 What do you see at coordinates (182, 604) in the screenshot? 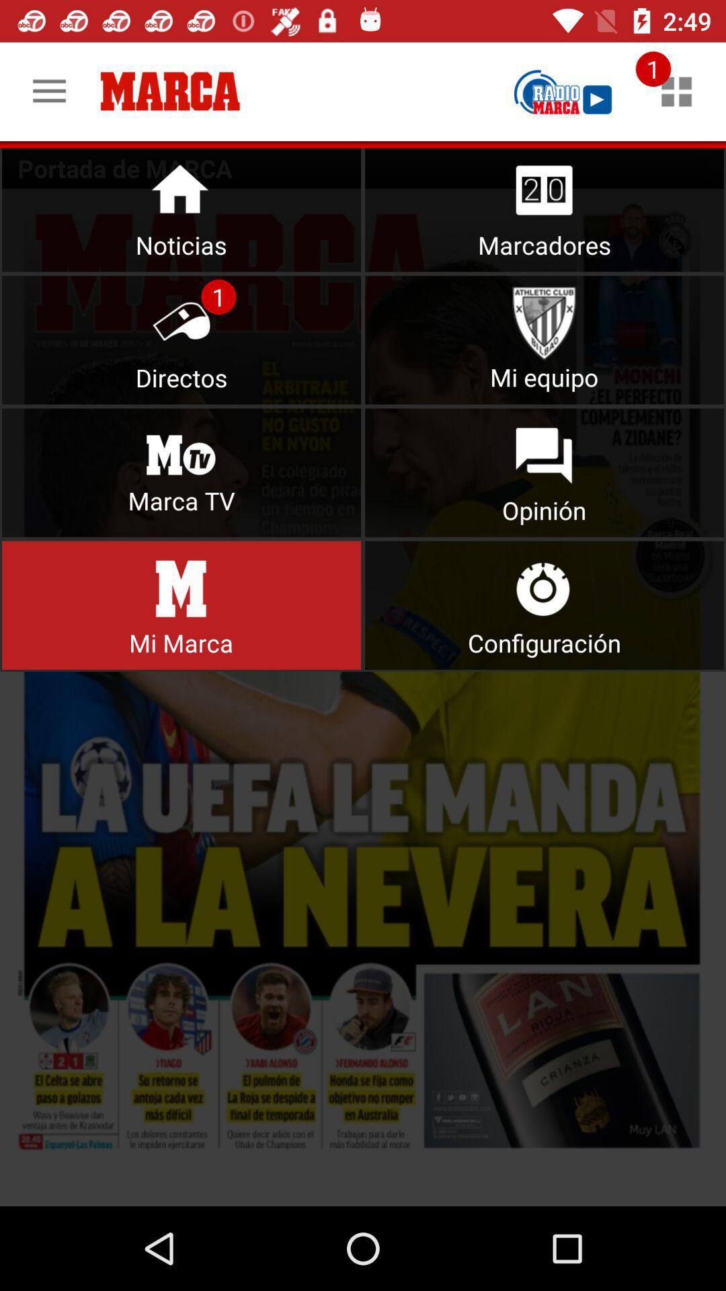
I see `access the 'marca item` at bounding box center [182, 604].